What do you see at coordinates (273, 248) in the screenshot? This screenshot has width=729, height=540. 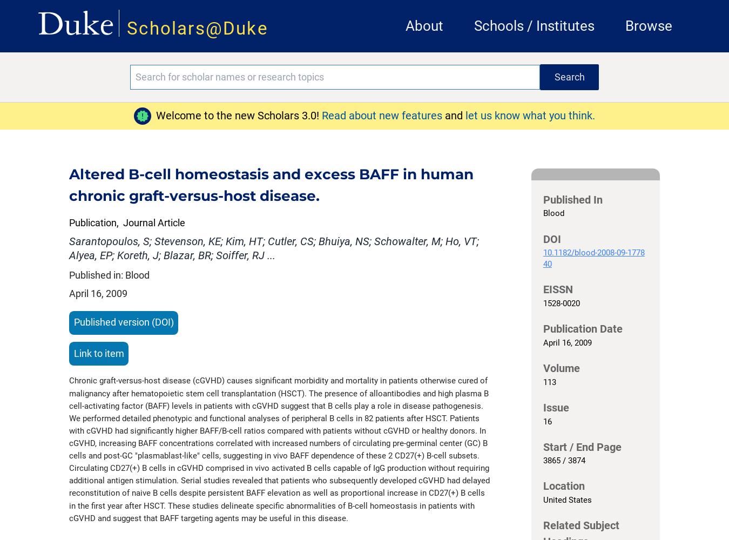 I see `'Sarantopoulos, S;  Stevenson, KE;  Kim, HT;  Cutler, CS;  Bhuiya, NS;  Schowalter, M;  Ho, VT;  Alyea, EP;  Koreth, J;  Blazar, BR;  Soiffer, RJ ...'` at bounding box center [273, 248].